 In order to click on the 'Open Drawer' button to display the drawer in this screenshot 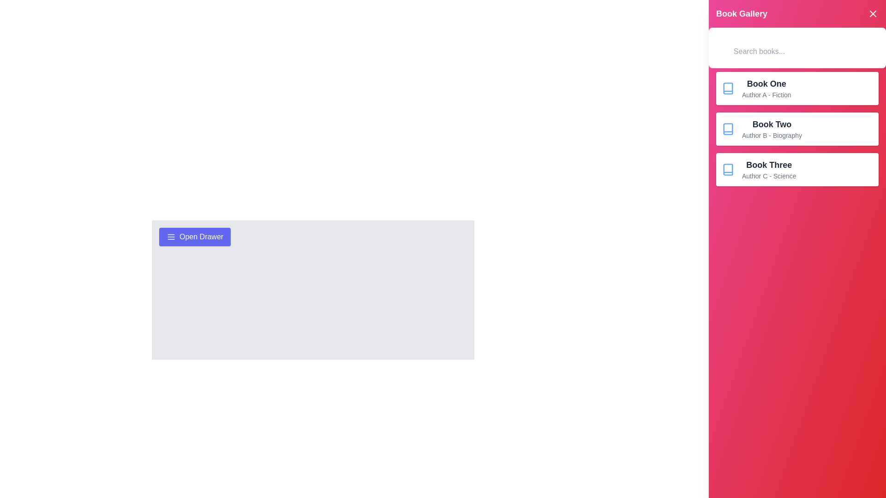, I will do `click(194, 236)`.